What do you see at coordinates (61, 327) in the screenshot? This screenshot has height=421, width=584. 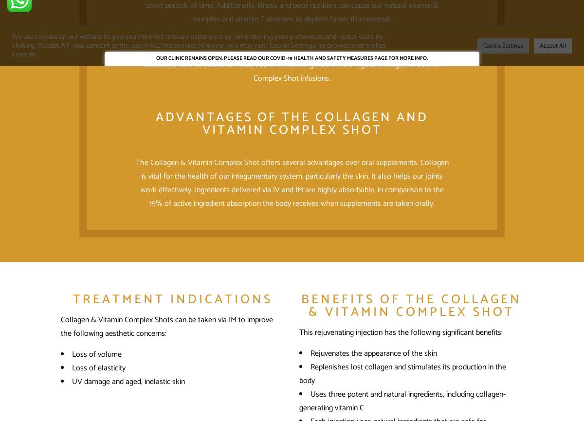 I see `'Collagen & Vitamin Complex Shots can be taken via IM to improve the following aesthetic concerns:'` at bounding box center [61, 327].